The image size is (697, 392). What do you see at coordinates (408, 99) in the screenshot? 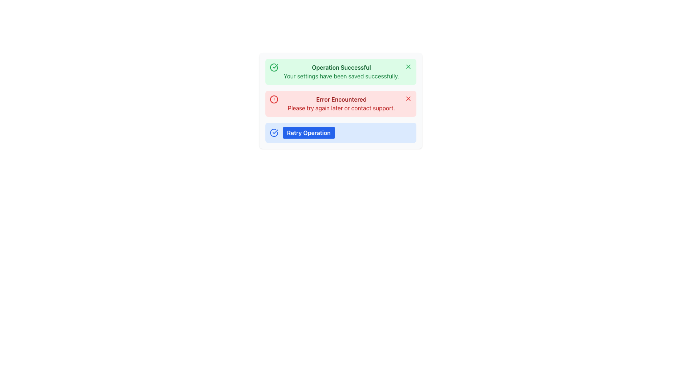
I see `the red 'X' close button located at the far-right edge of the error message panel indicating 'Error Encountered'` at bounding box center [408, 99].